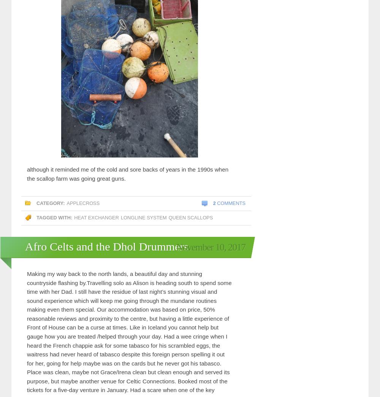 The width and height of the screenshot is (380, 397). What do you see at coordinates (51, 203) in the screenshot?
I see `'Category:'` at bounding box center [51, 203].